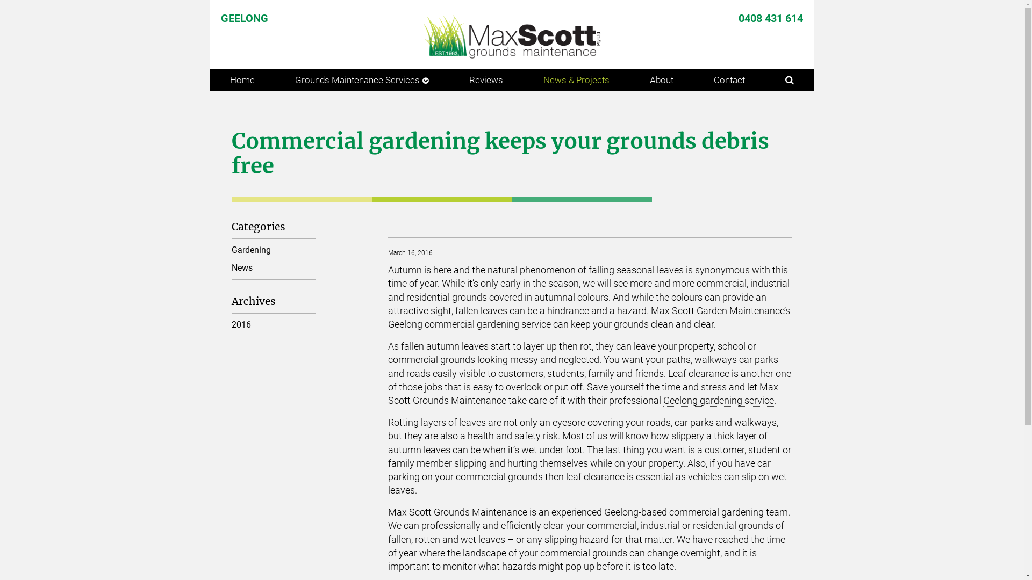 This screenshot has height=580, width=1032. Describe the element at coordinates (719, 400) in the screenshot. I see `'Geelong gardening service'` at that location.